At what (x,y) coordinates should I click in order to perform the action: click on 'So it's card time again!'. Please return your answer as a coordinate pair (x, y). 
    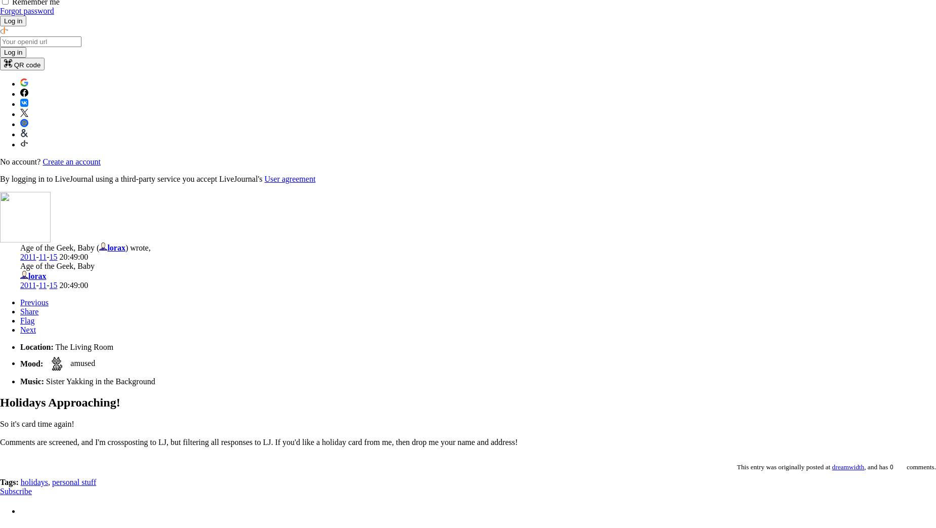
    Looking at the image, I should click on (0, 424).